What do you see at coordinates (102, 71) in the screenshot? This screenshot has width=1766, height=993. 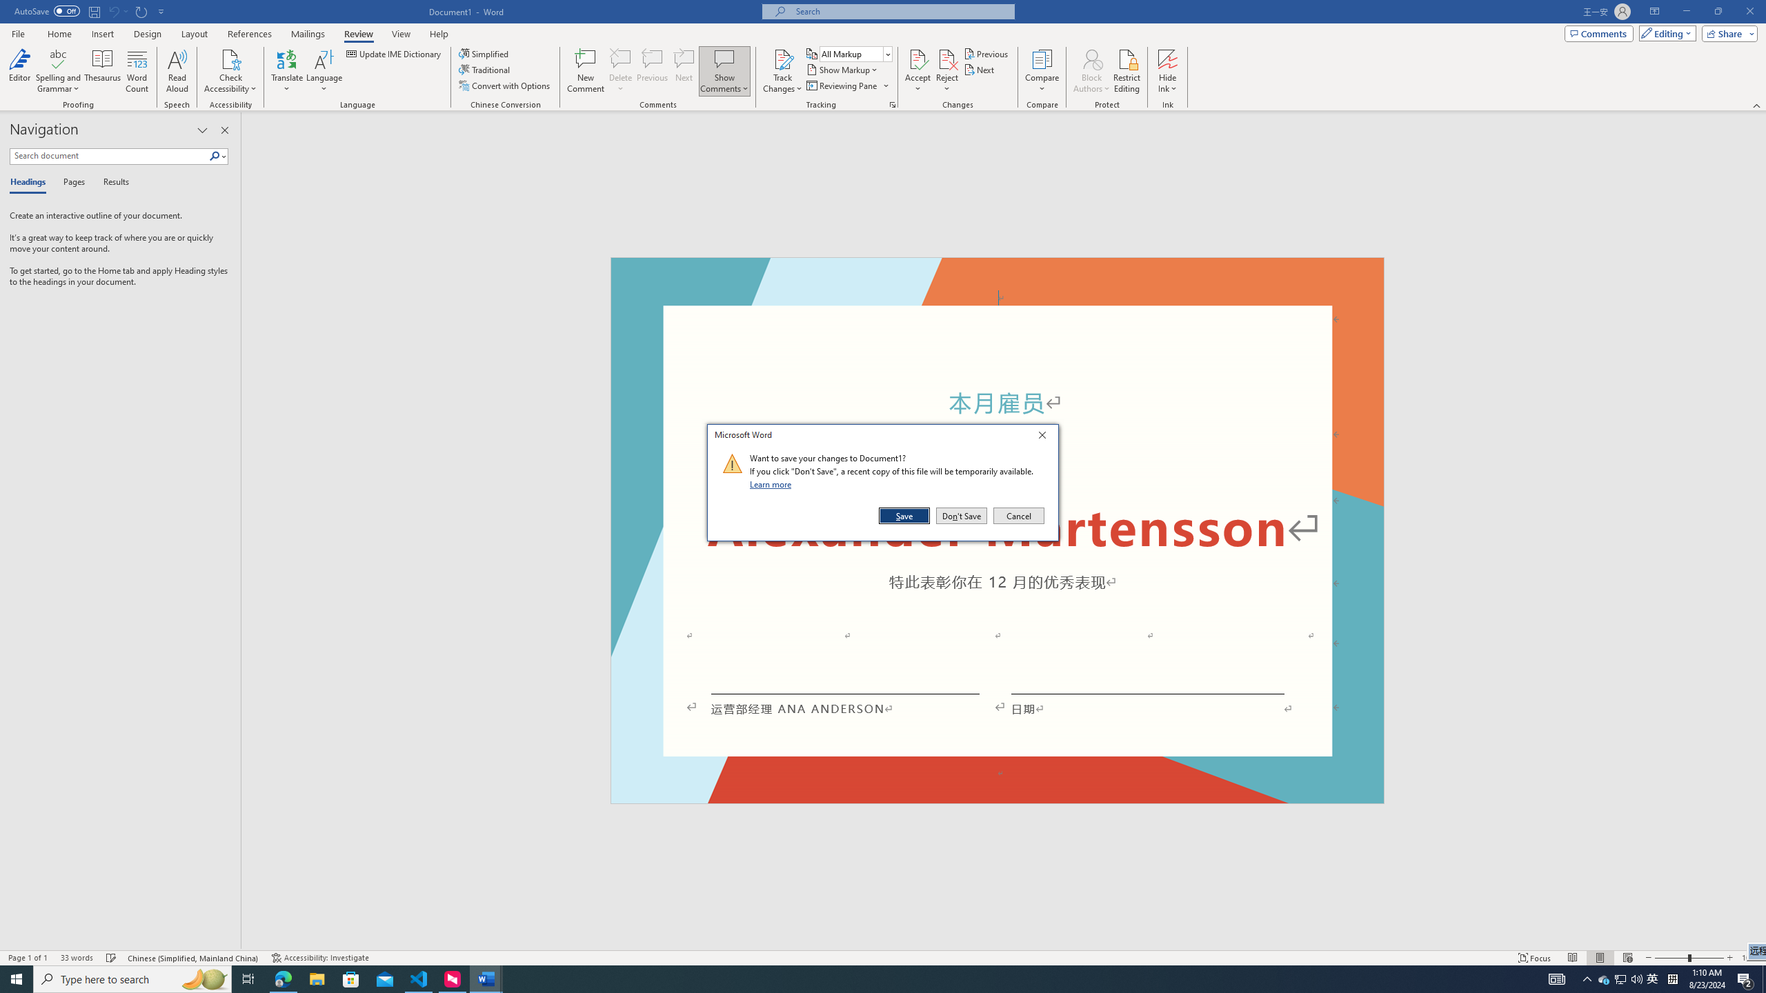 I see `'Thesaurus...'` at bounding box center [102, 71].